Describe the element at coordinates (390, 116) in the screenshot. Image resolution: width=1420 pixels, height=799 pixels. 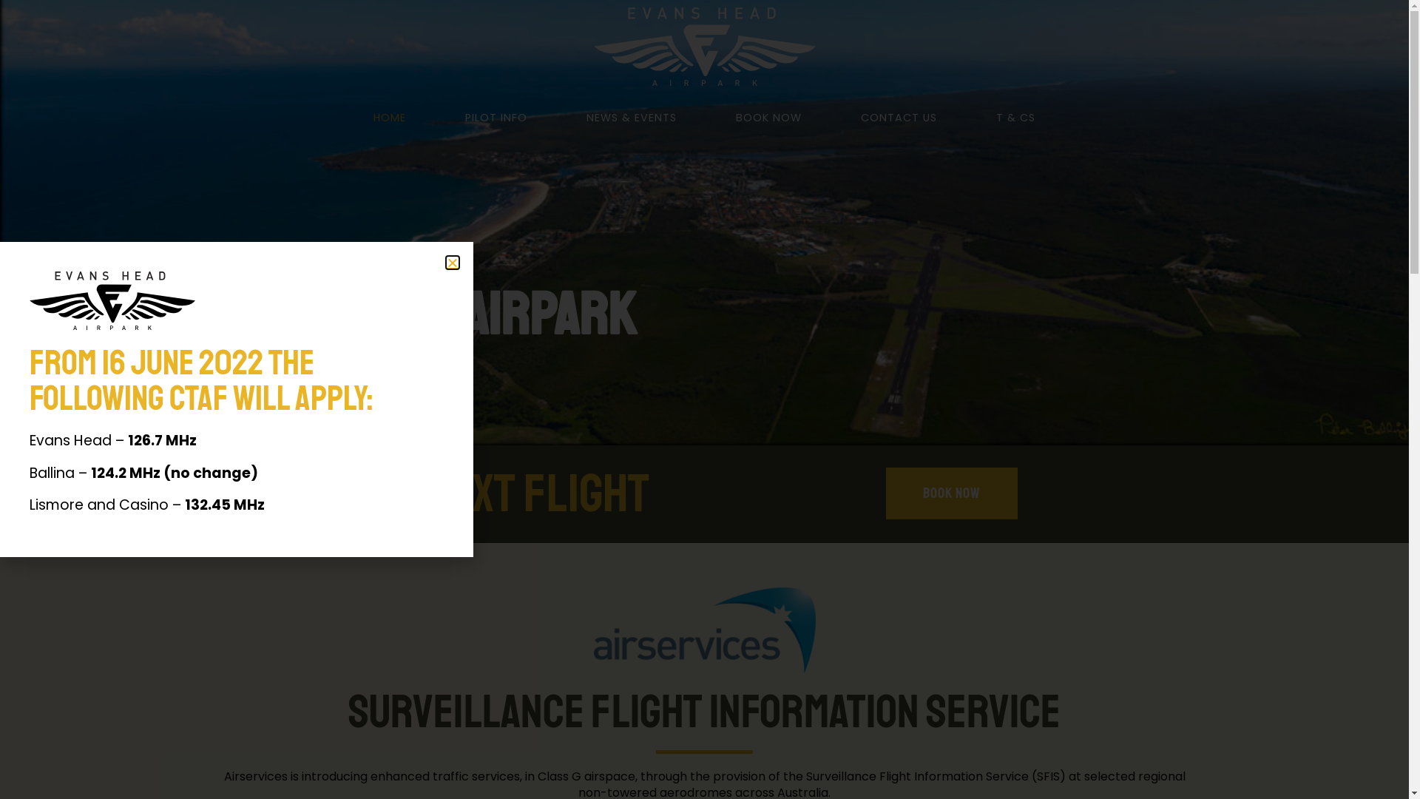
I see `'HOME'` at that location.